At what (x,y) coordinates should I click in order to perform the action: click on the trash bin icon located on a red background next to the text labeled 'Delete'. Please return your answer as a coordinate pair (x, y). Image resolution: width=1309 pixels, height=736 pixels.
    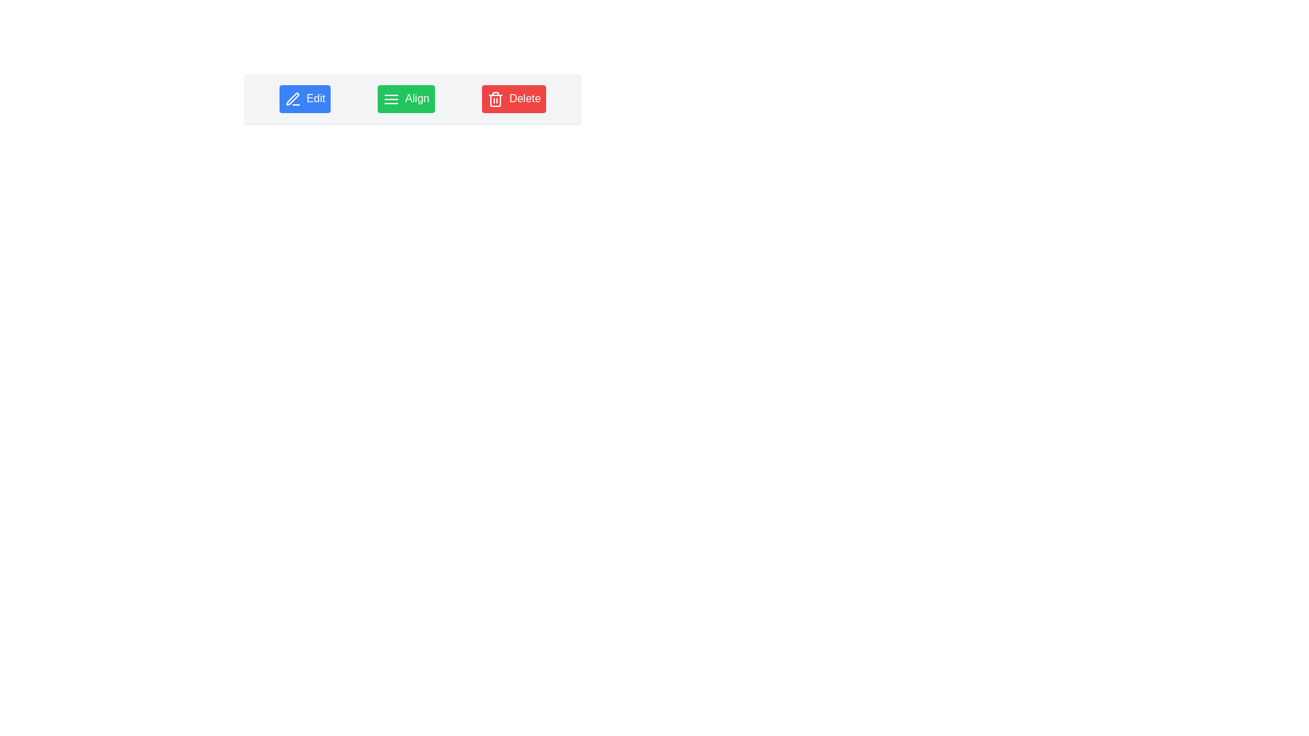
    Looking at the image, I should click on (495, 98).